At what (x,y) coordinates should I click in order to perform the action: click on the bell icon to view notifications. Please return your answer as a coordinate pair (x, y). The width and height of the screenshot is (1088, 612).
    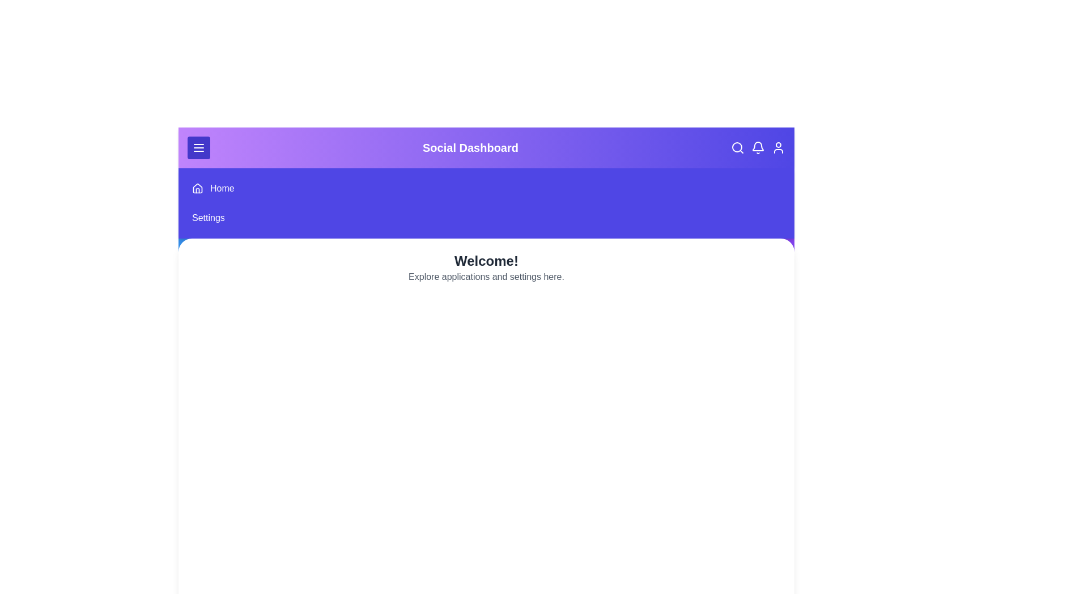
    Looking at the image, I should click on (758, 147).